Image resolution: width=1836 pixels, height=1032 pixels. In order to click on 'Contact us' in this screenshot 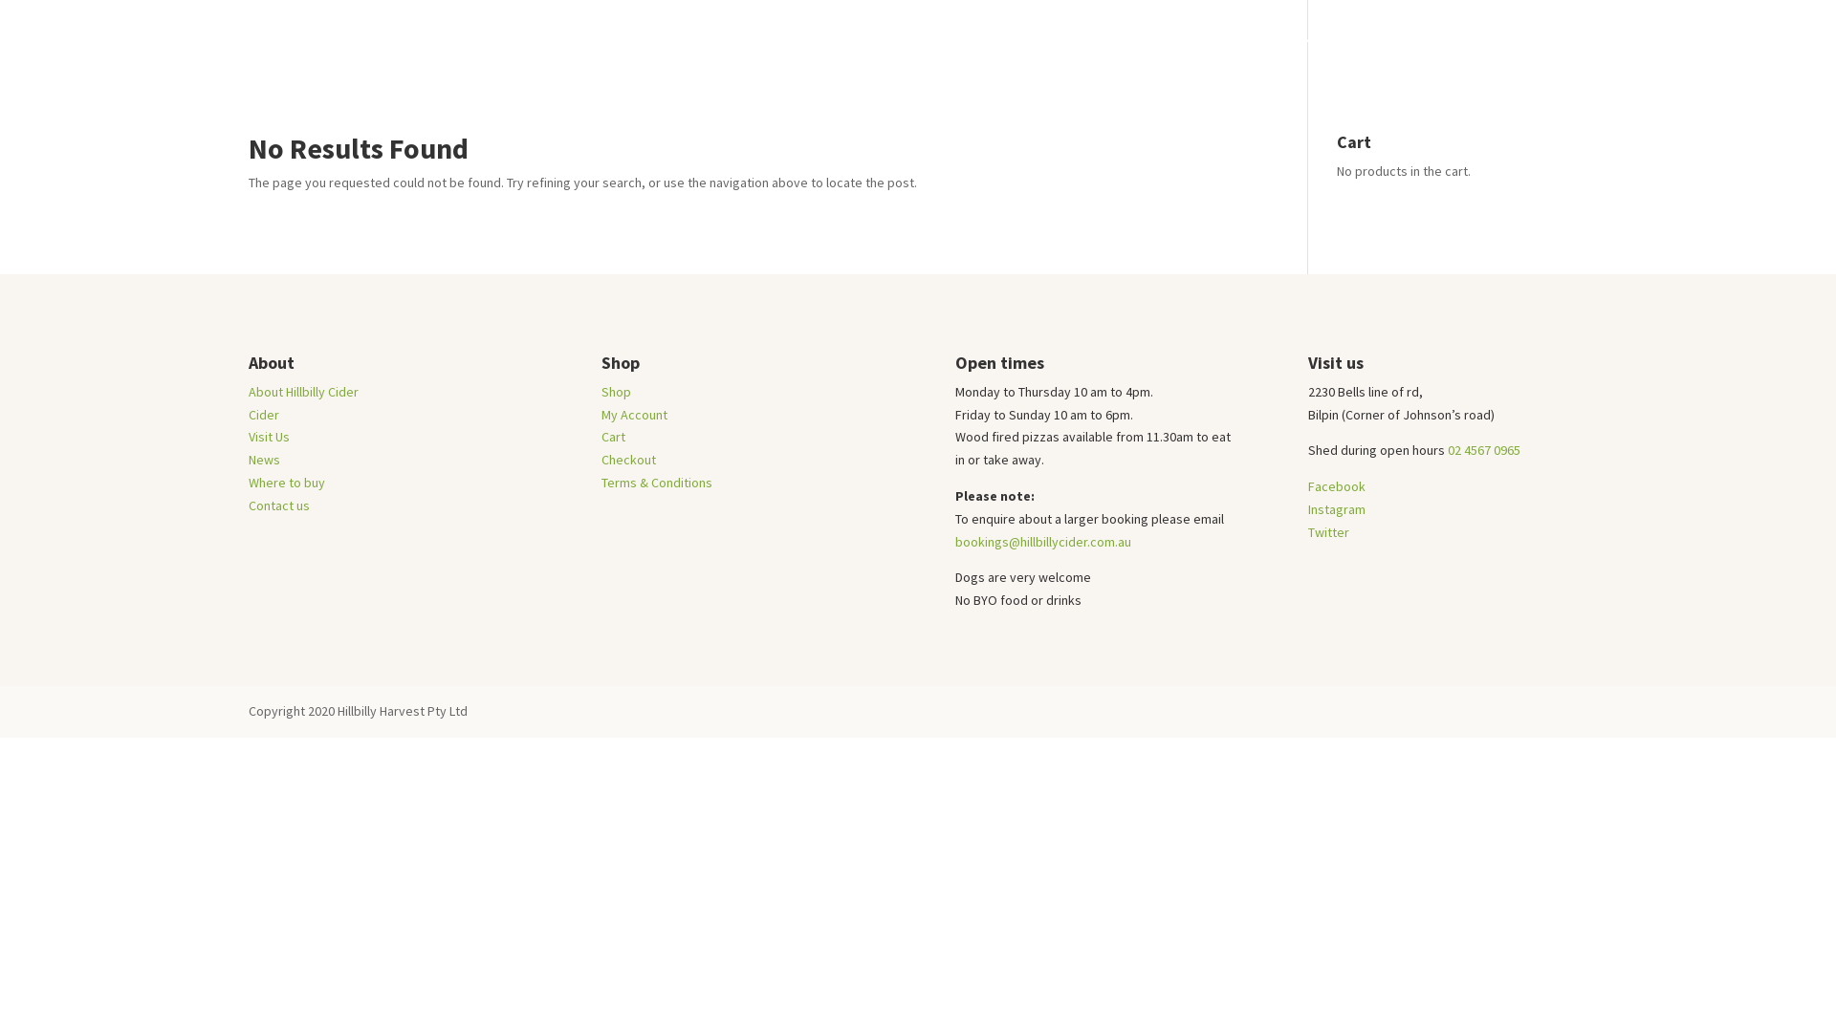, I will do `click(278, 504)`.